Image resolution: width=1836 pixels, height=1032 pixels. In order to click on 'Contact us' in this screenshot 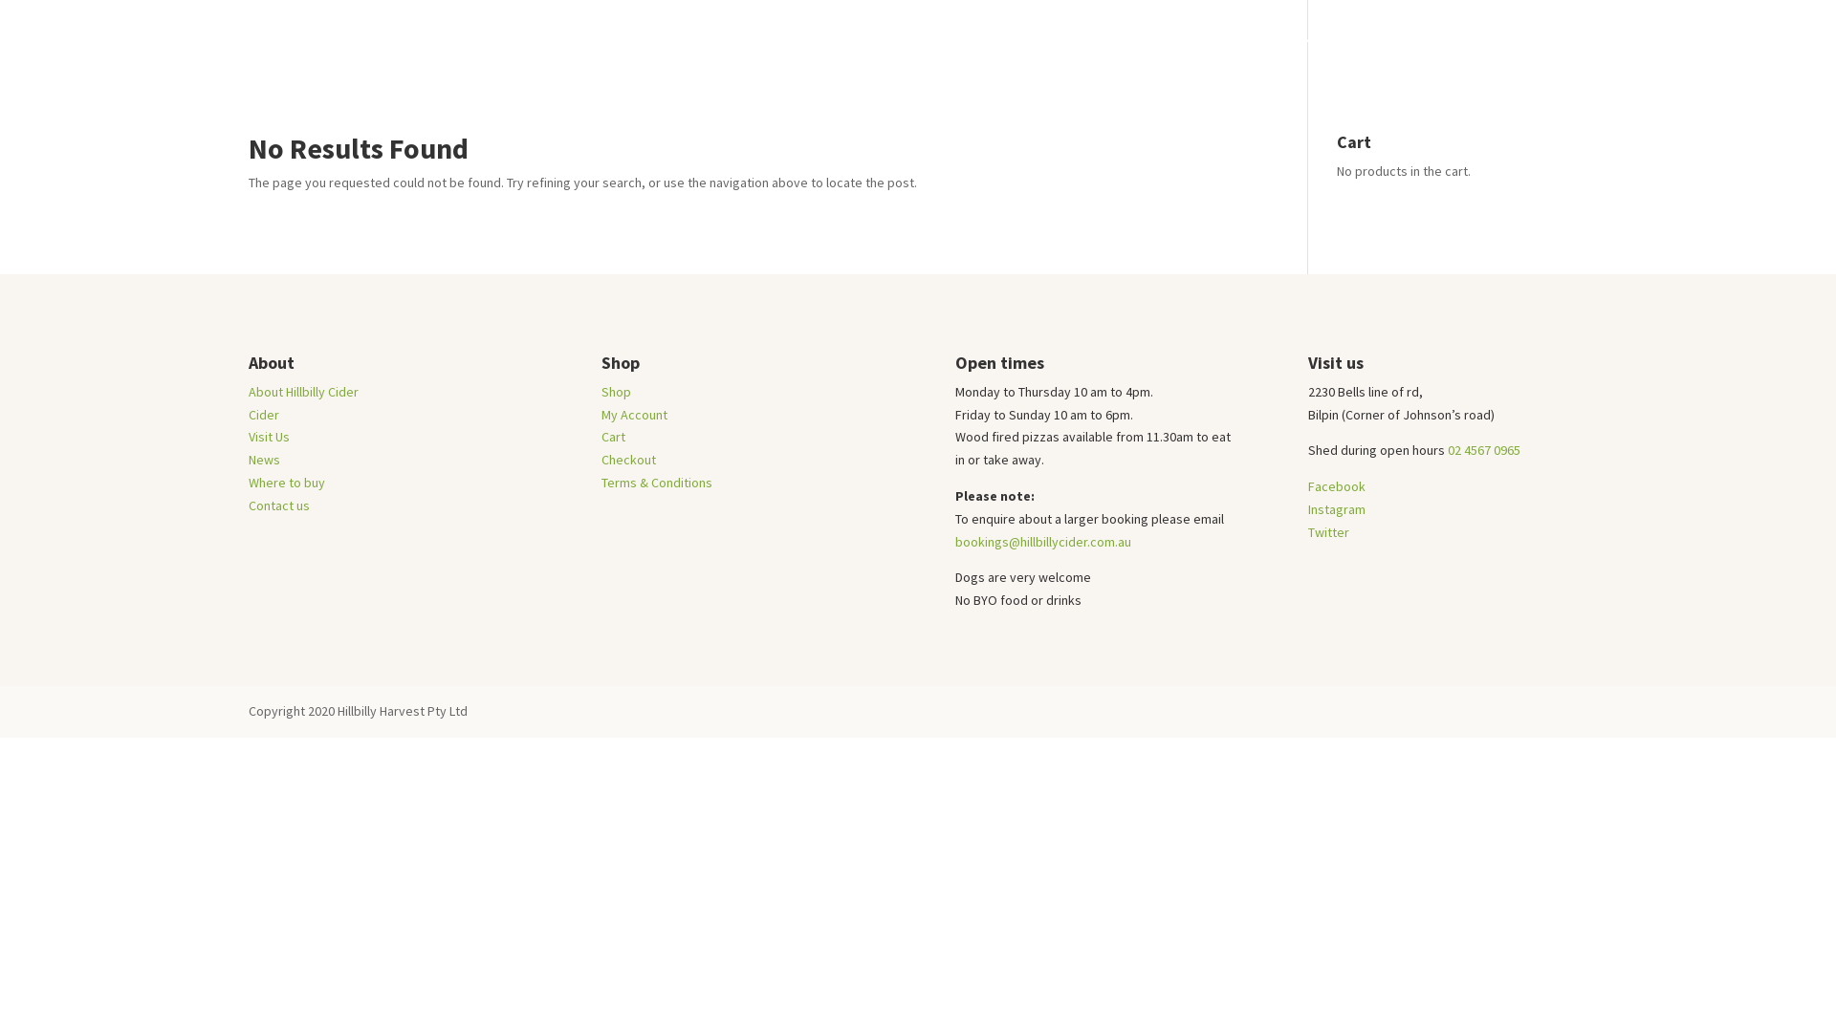, I will do `click(278, 504)`.